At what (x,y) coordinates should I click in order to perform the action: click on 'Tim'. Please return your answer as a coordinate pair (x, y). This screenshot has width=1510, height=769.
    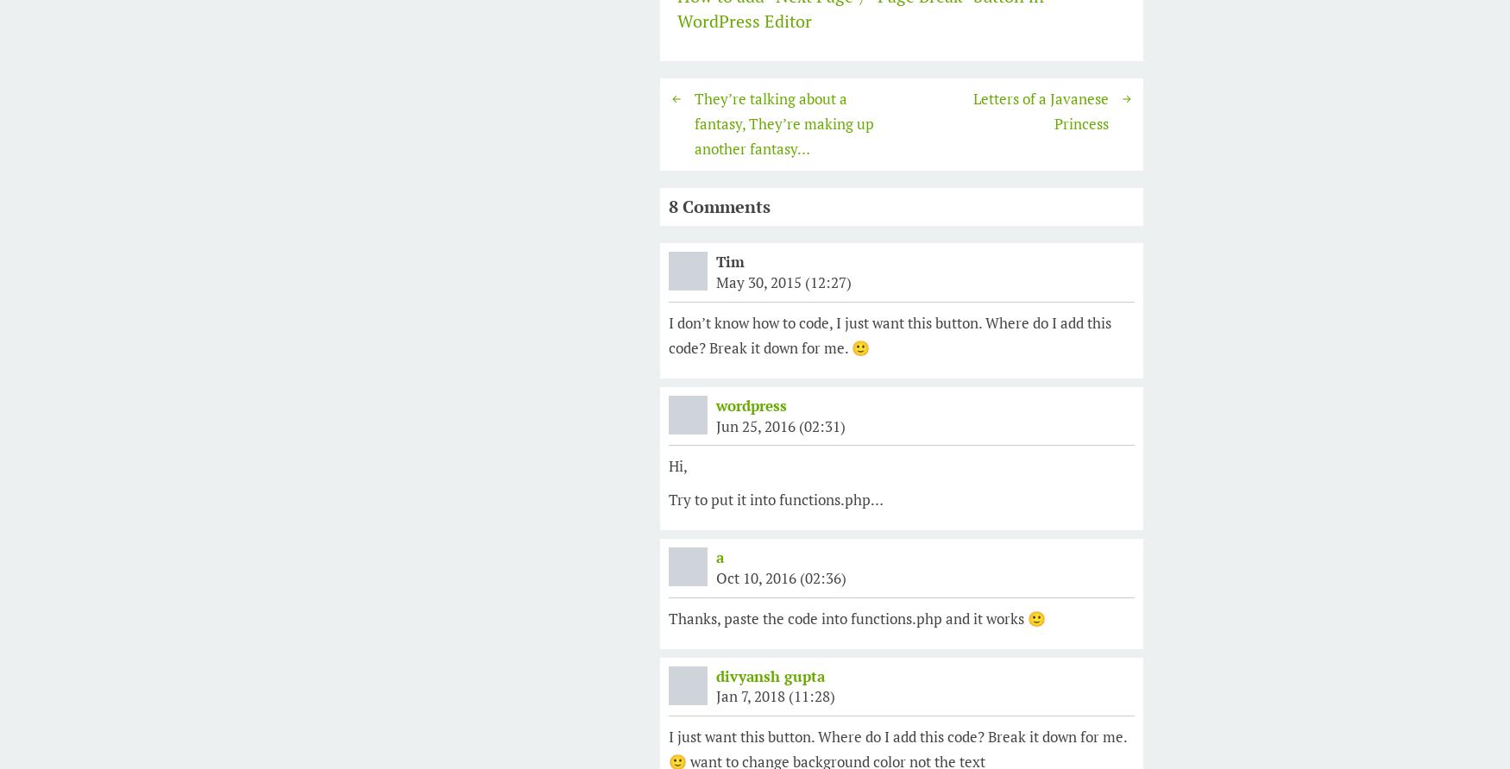
    Looking at the image, I should click on (730, 261).